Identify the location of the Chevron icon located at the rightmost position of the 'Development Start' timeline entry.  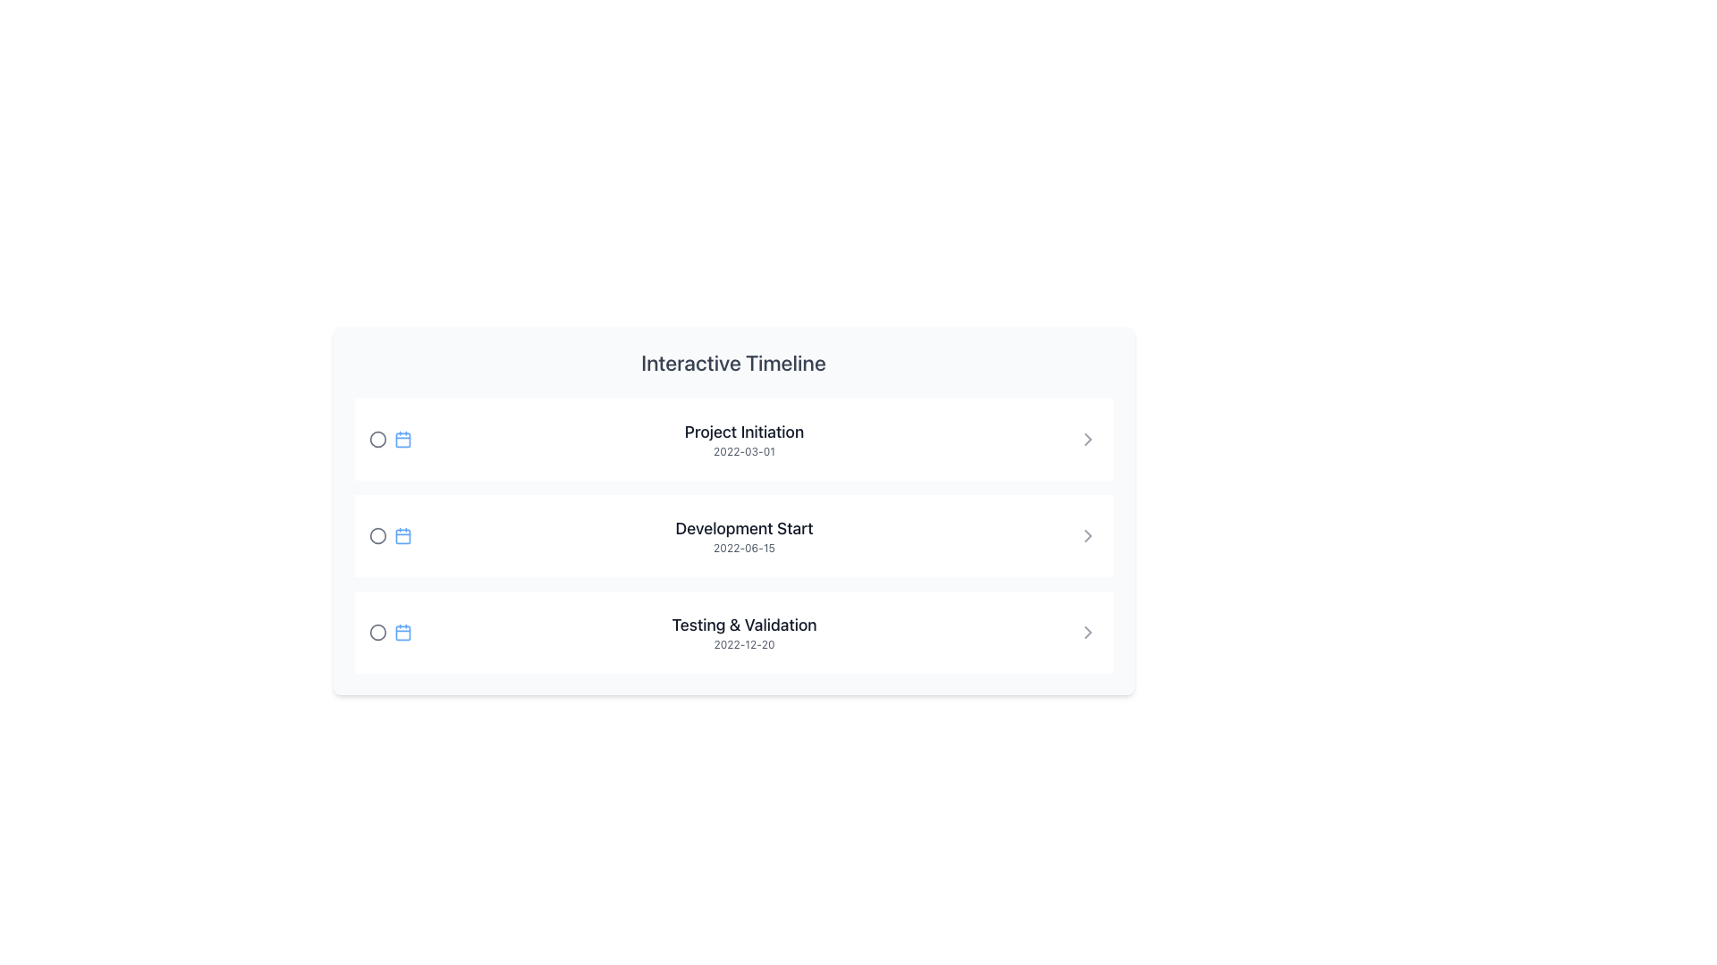
(1087, 535).